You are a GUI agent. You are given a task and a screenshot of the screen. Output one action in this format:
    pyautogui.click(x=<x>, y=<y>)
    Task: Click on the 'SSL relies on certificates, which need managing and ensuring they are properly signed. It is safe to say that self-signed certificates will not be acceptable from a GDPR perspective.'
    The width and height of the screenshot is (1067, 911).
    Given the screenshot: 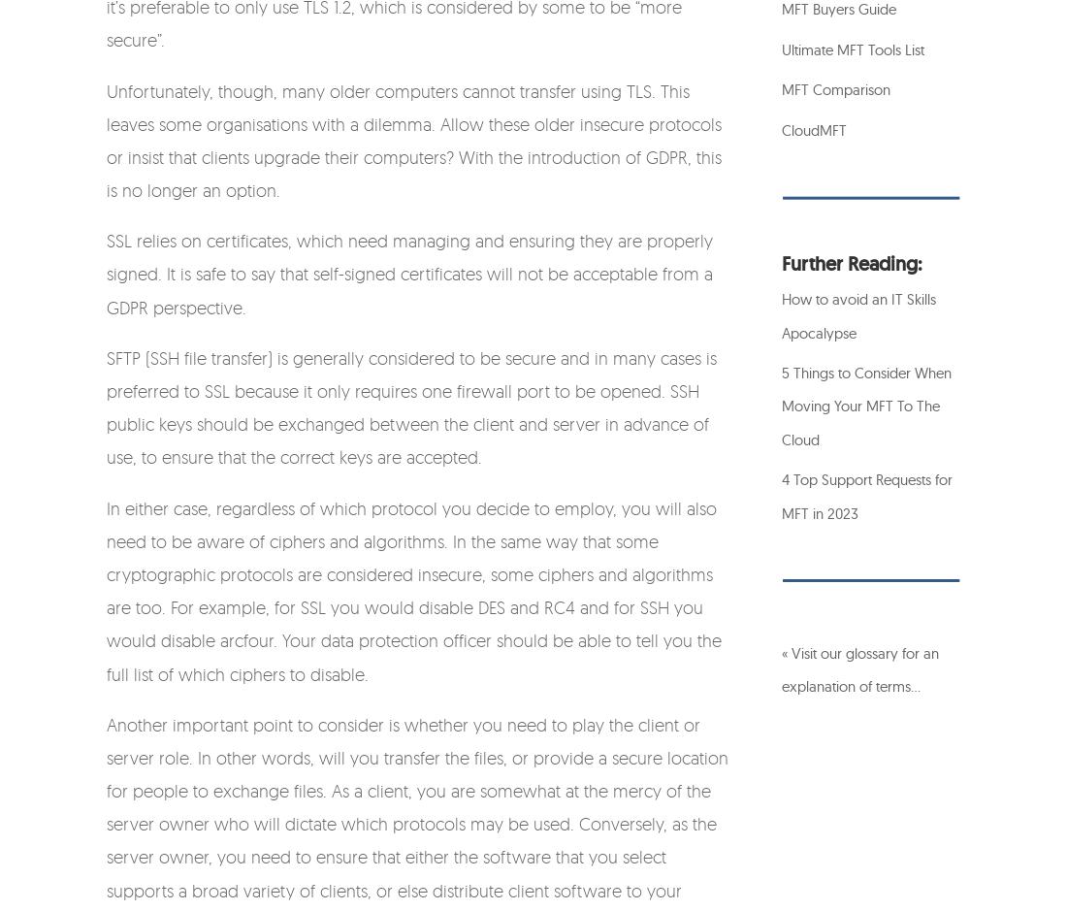 What is the action you would take?
    pyautogui.click(x=408, y=272)
    